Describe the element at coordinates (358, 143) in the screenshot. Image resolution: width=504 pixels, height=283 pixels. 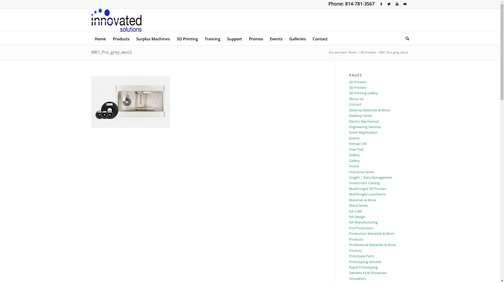
I see `'Femap CAE'` at that location.